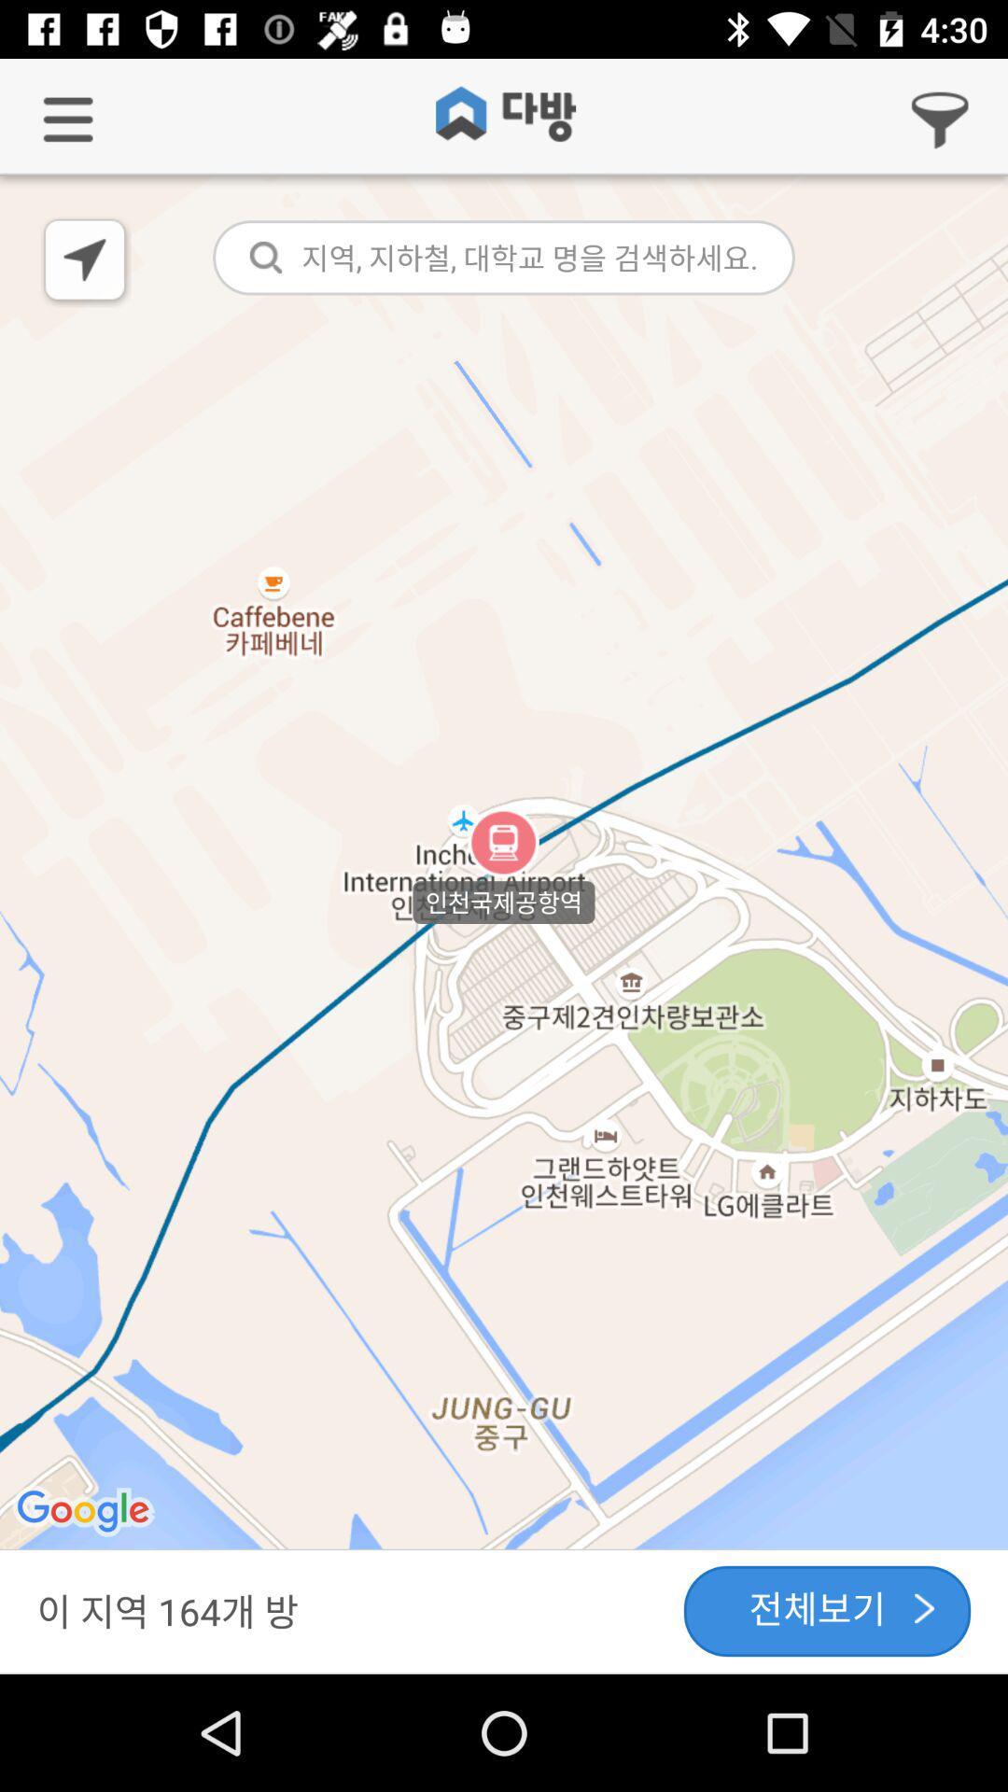 The height and width of the screenshot is (1792, 1008). Describe the element at coordinates (86, 261) in the screenshot. I see `the navigation icon` at that location.